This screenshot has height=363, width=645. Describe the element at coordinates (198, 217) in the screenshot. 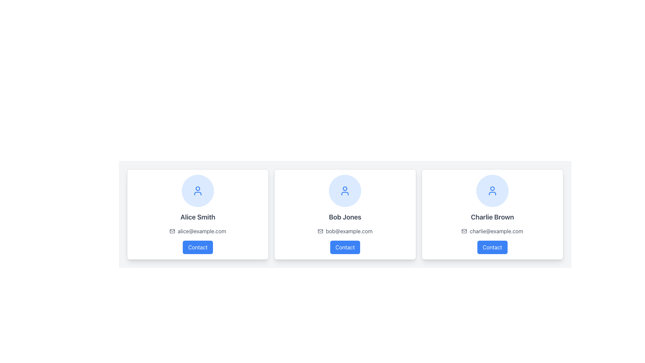

I see `the text label displaying 'Alice Smith', which is positioned below a circular icon and above an email address` at that location.